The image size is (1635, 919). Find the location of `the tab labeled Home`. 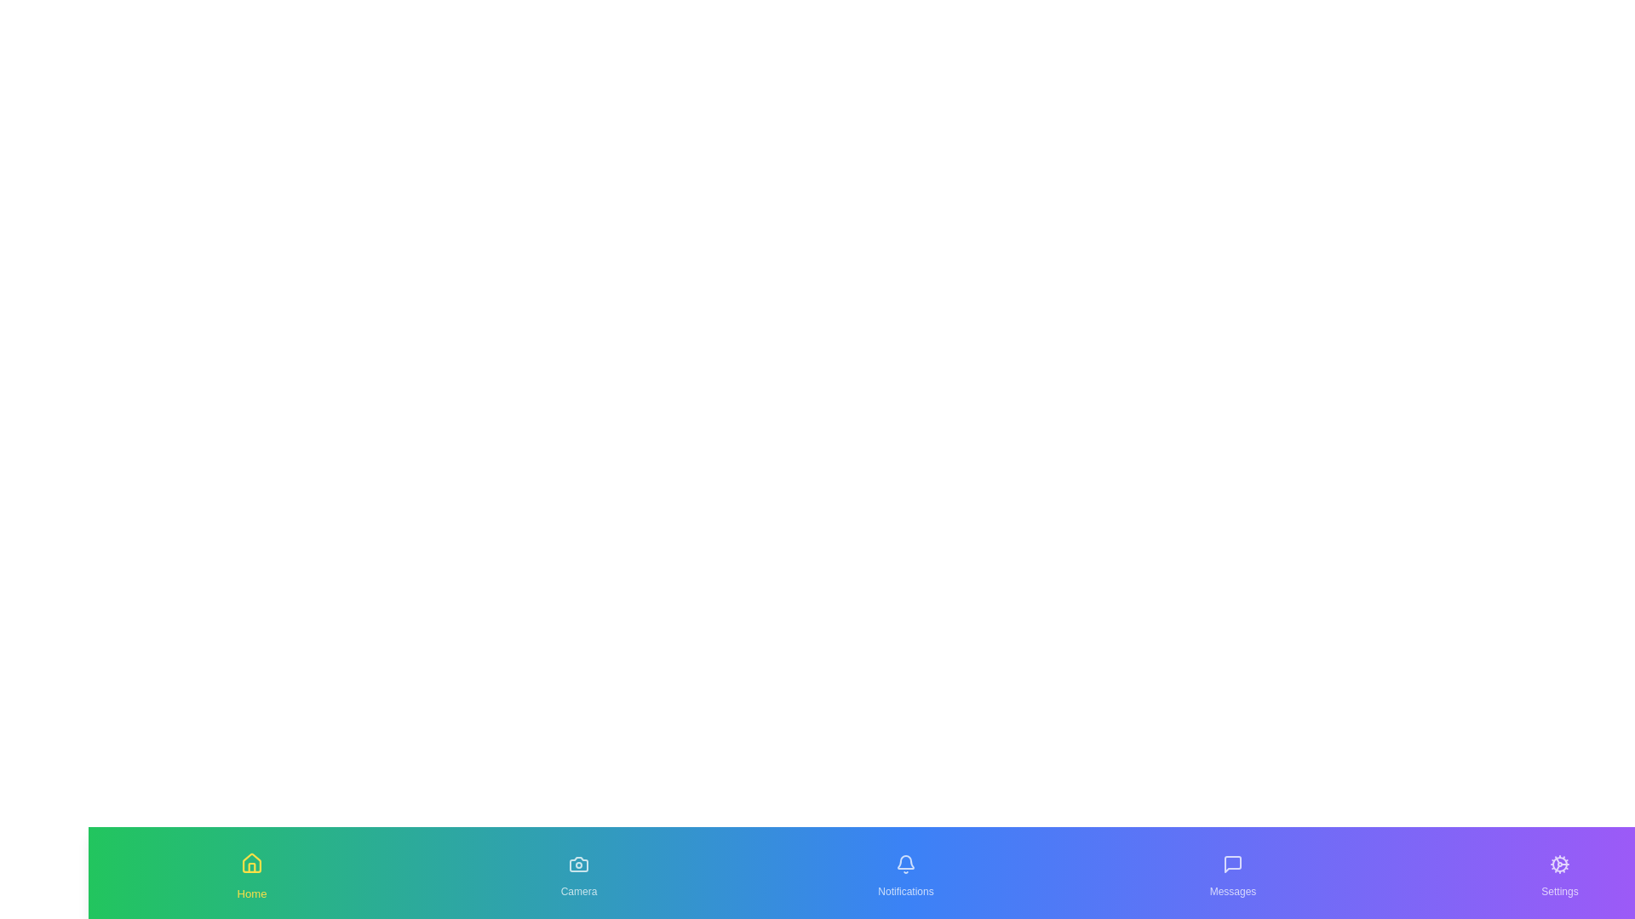

the tab labeled Home is located at coordinates (251, 873).